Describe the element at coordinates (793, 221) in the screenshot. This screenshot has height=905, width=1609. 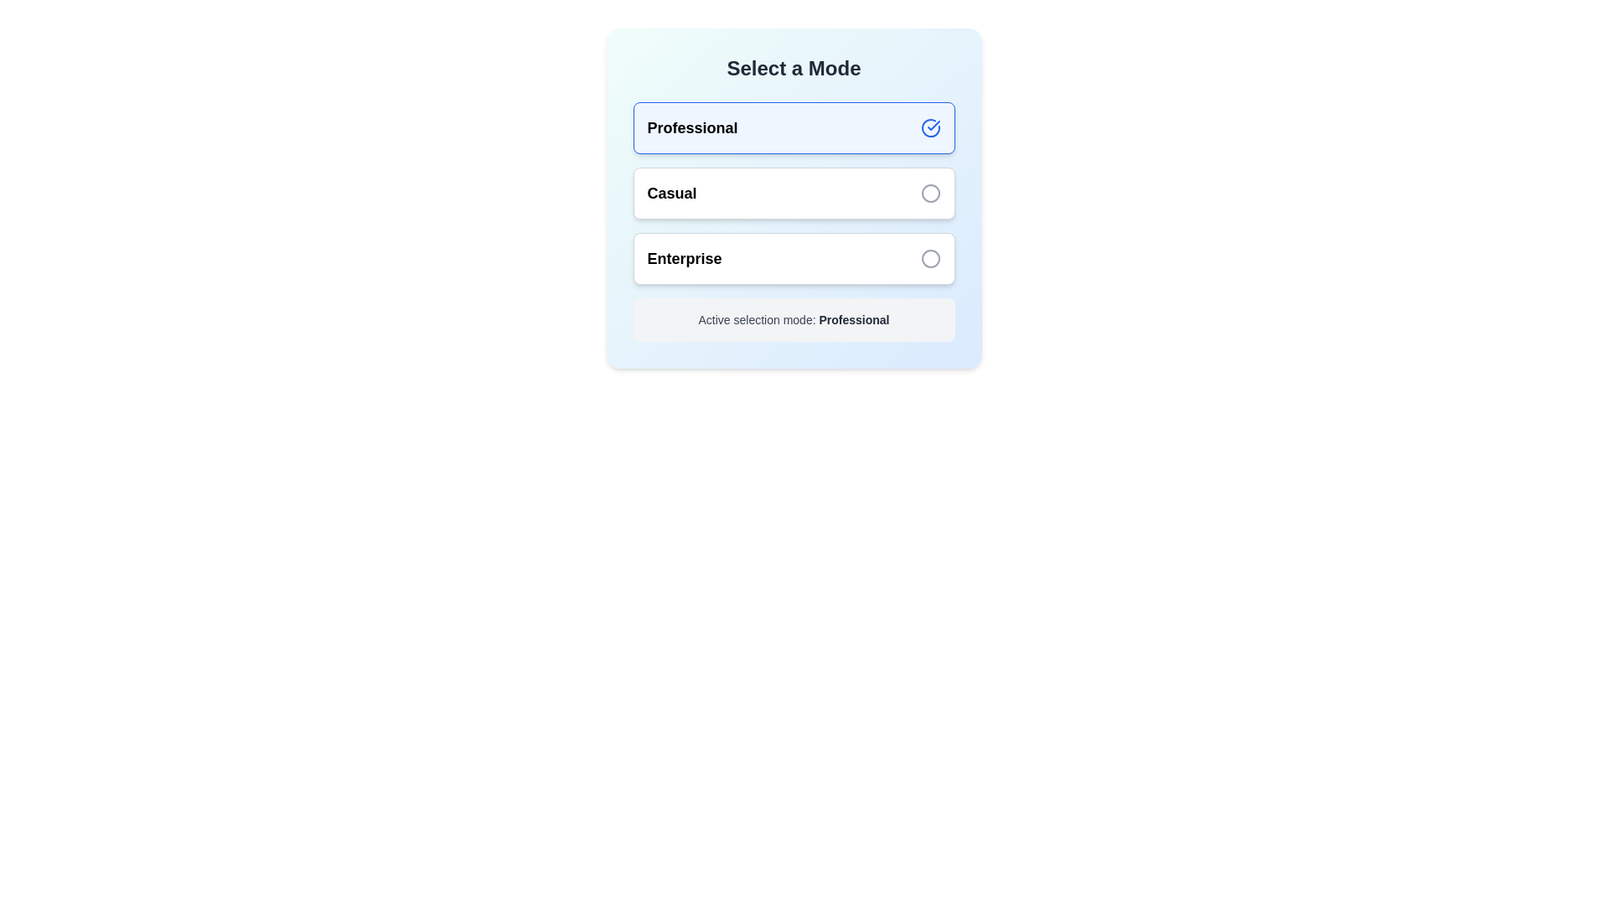
I see `the card in the selection group` at that location.